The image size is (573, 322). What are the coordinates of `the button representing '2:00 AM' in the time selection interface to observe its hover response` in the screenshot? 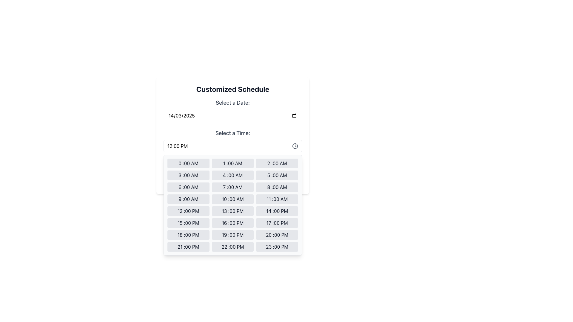 It's located at (277, 163).